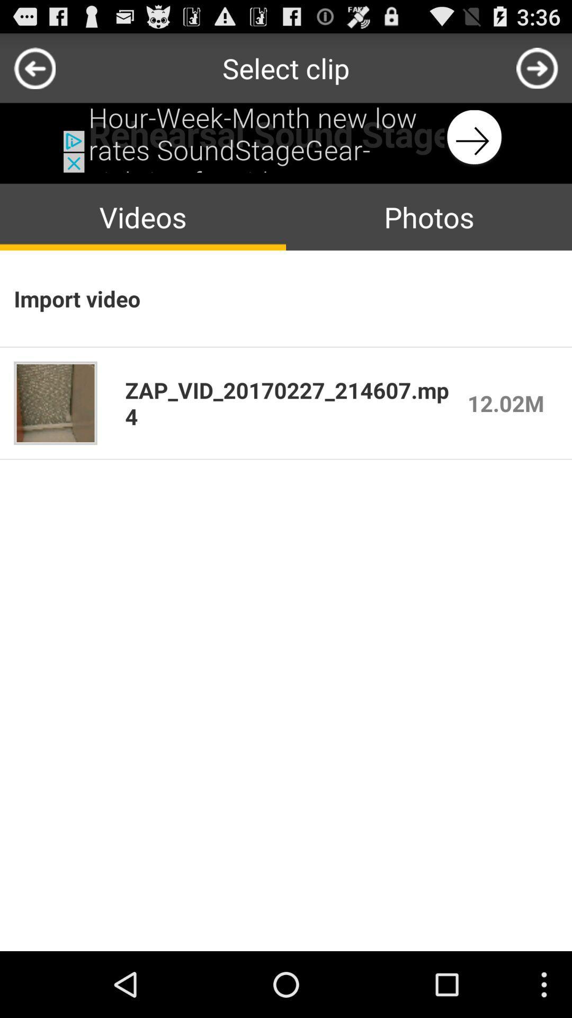 This screenshot has width=572, height=1018. I want to click on find more, so click(537, 67).